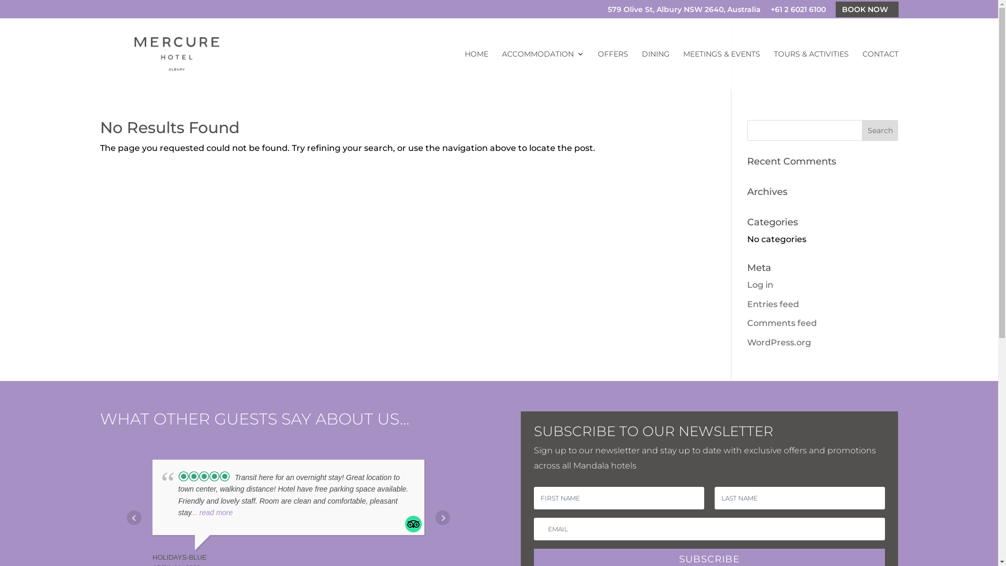 This screenshot has height=566, width=1006. Describe the element at coordinates (880, 70) in the screenshot. I see `'CONTACT'` at that location.